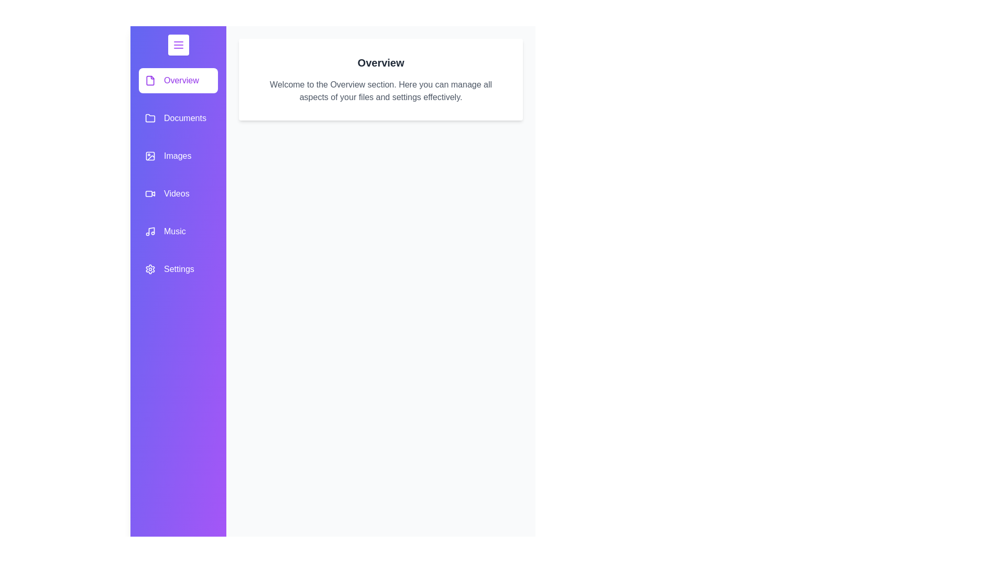  What do you see at coordinates (178, 194) in the screenshot?
I see `the category item labeled Videos in the drawer` at bounding box center [178, 194].